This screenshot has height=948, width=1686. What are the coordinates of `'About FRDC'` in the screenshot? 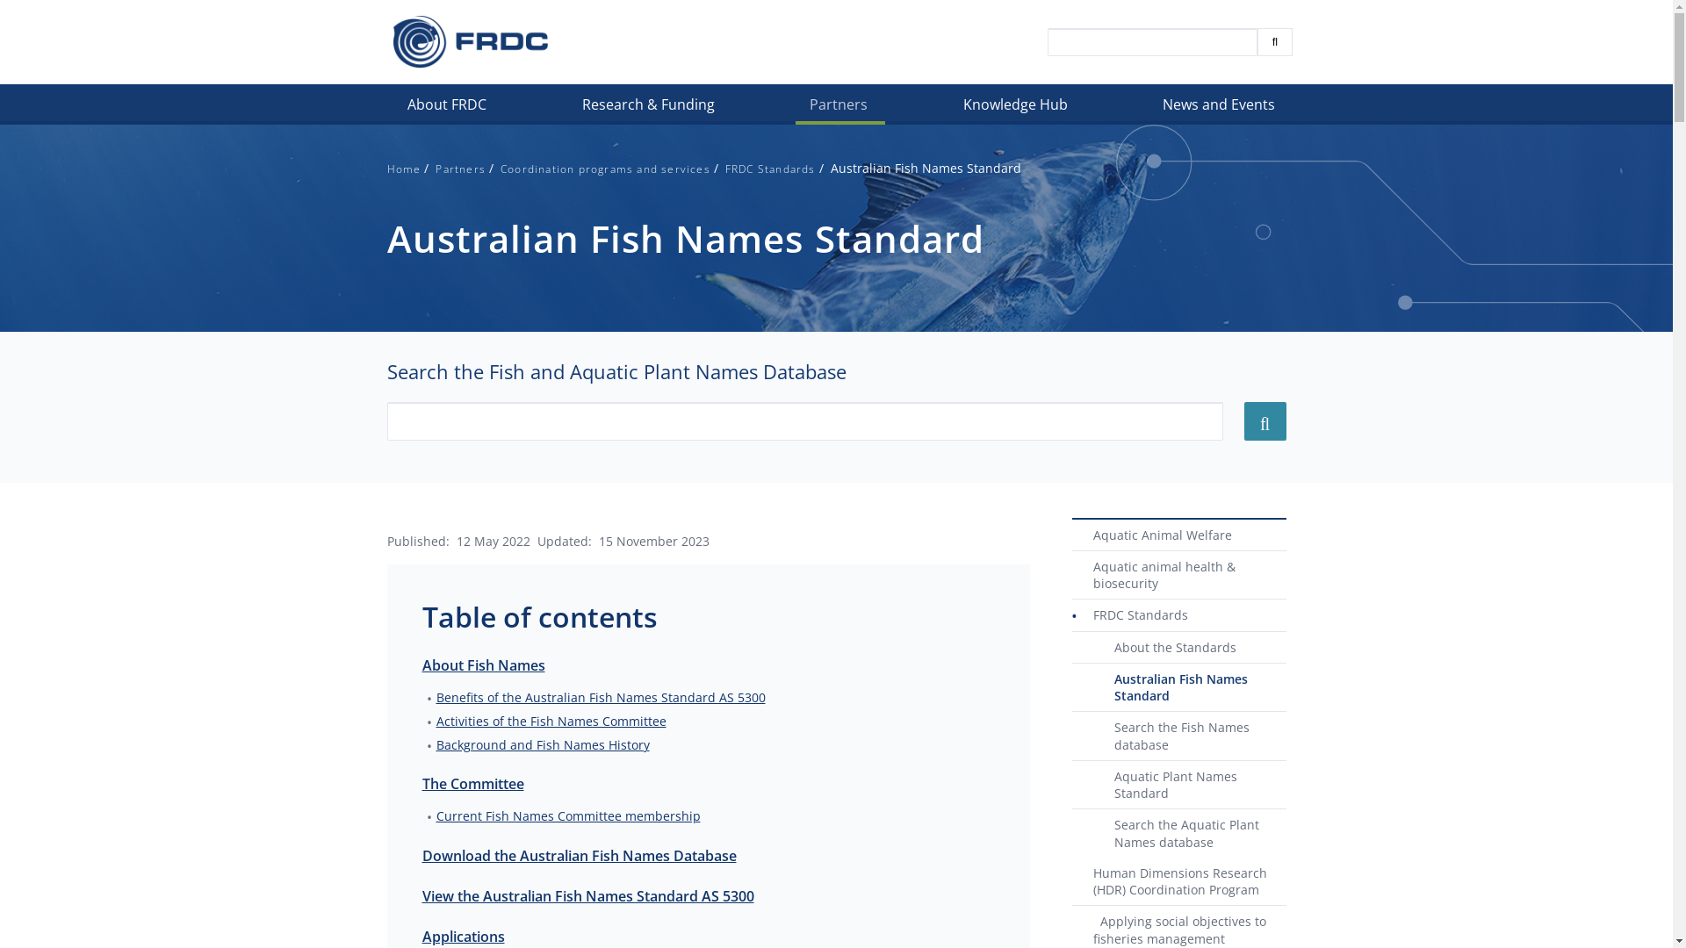 It's located at (392, 108).